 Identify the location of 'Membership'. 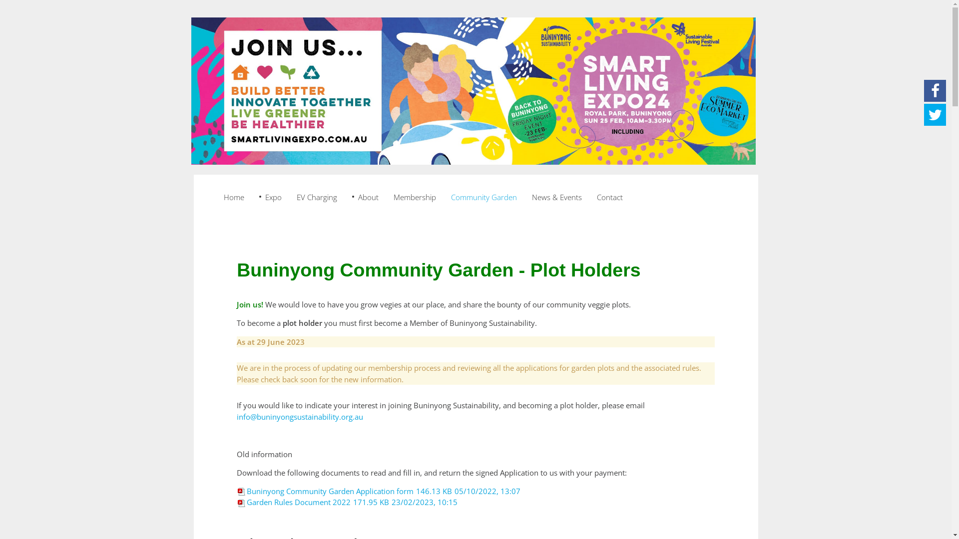
(415, 197).